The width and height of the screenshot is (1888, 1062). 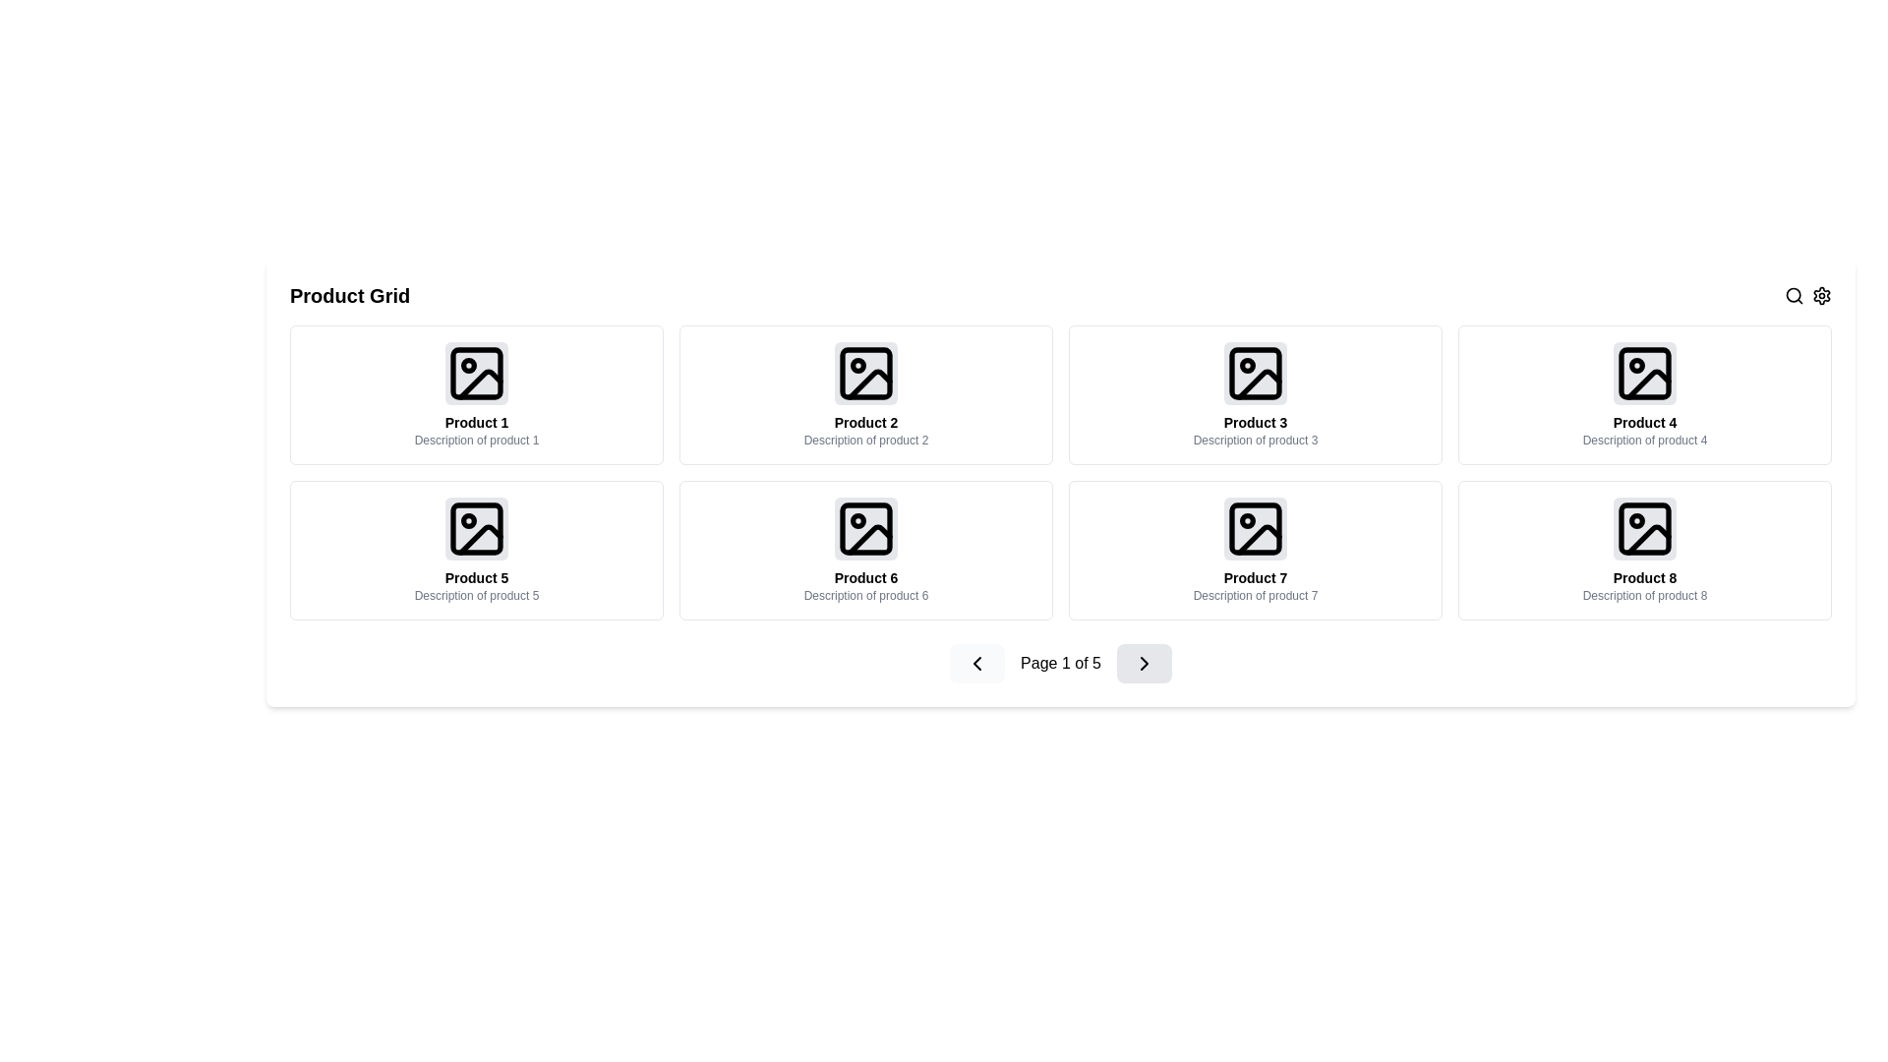 What do you see at coordinates (1254, 550) in the screenshot?
I see `the product card representing Product 7, located` at bounding box center [1254, 550].